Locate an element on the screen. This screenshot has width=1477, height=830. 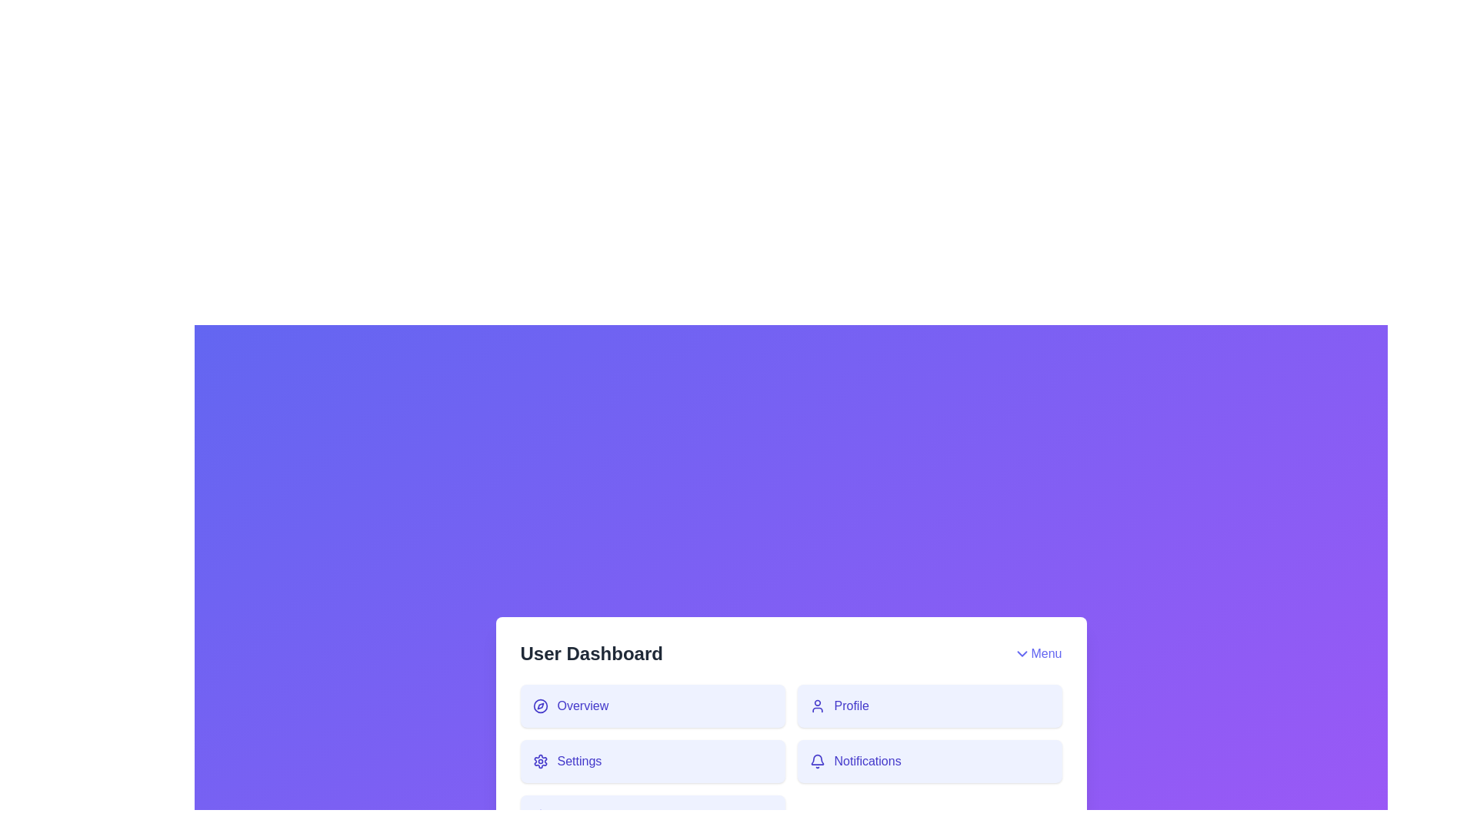
the 'Settings' button to navigate to the 'Settings' section is located at coordinates (652, 762).